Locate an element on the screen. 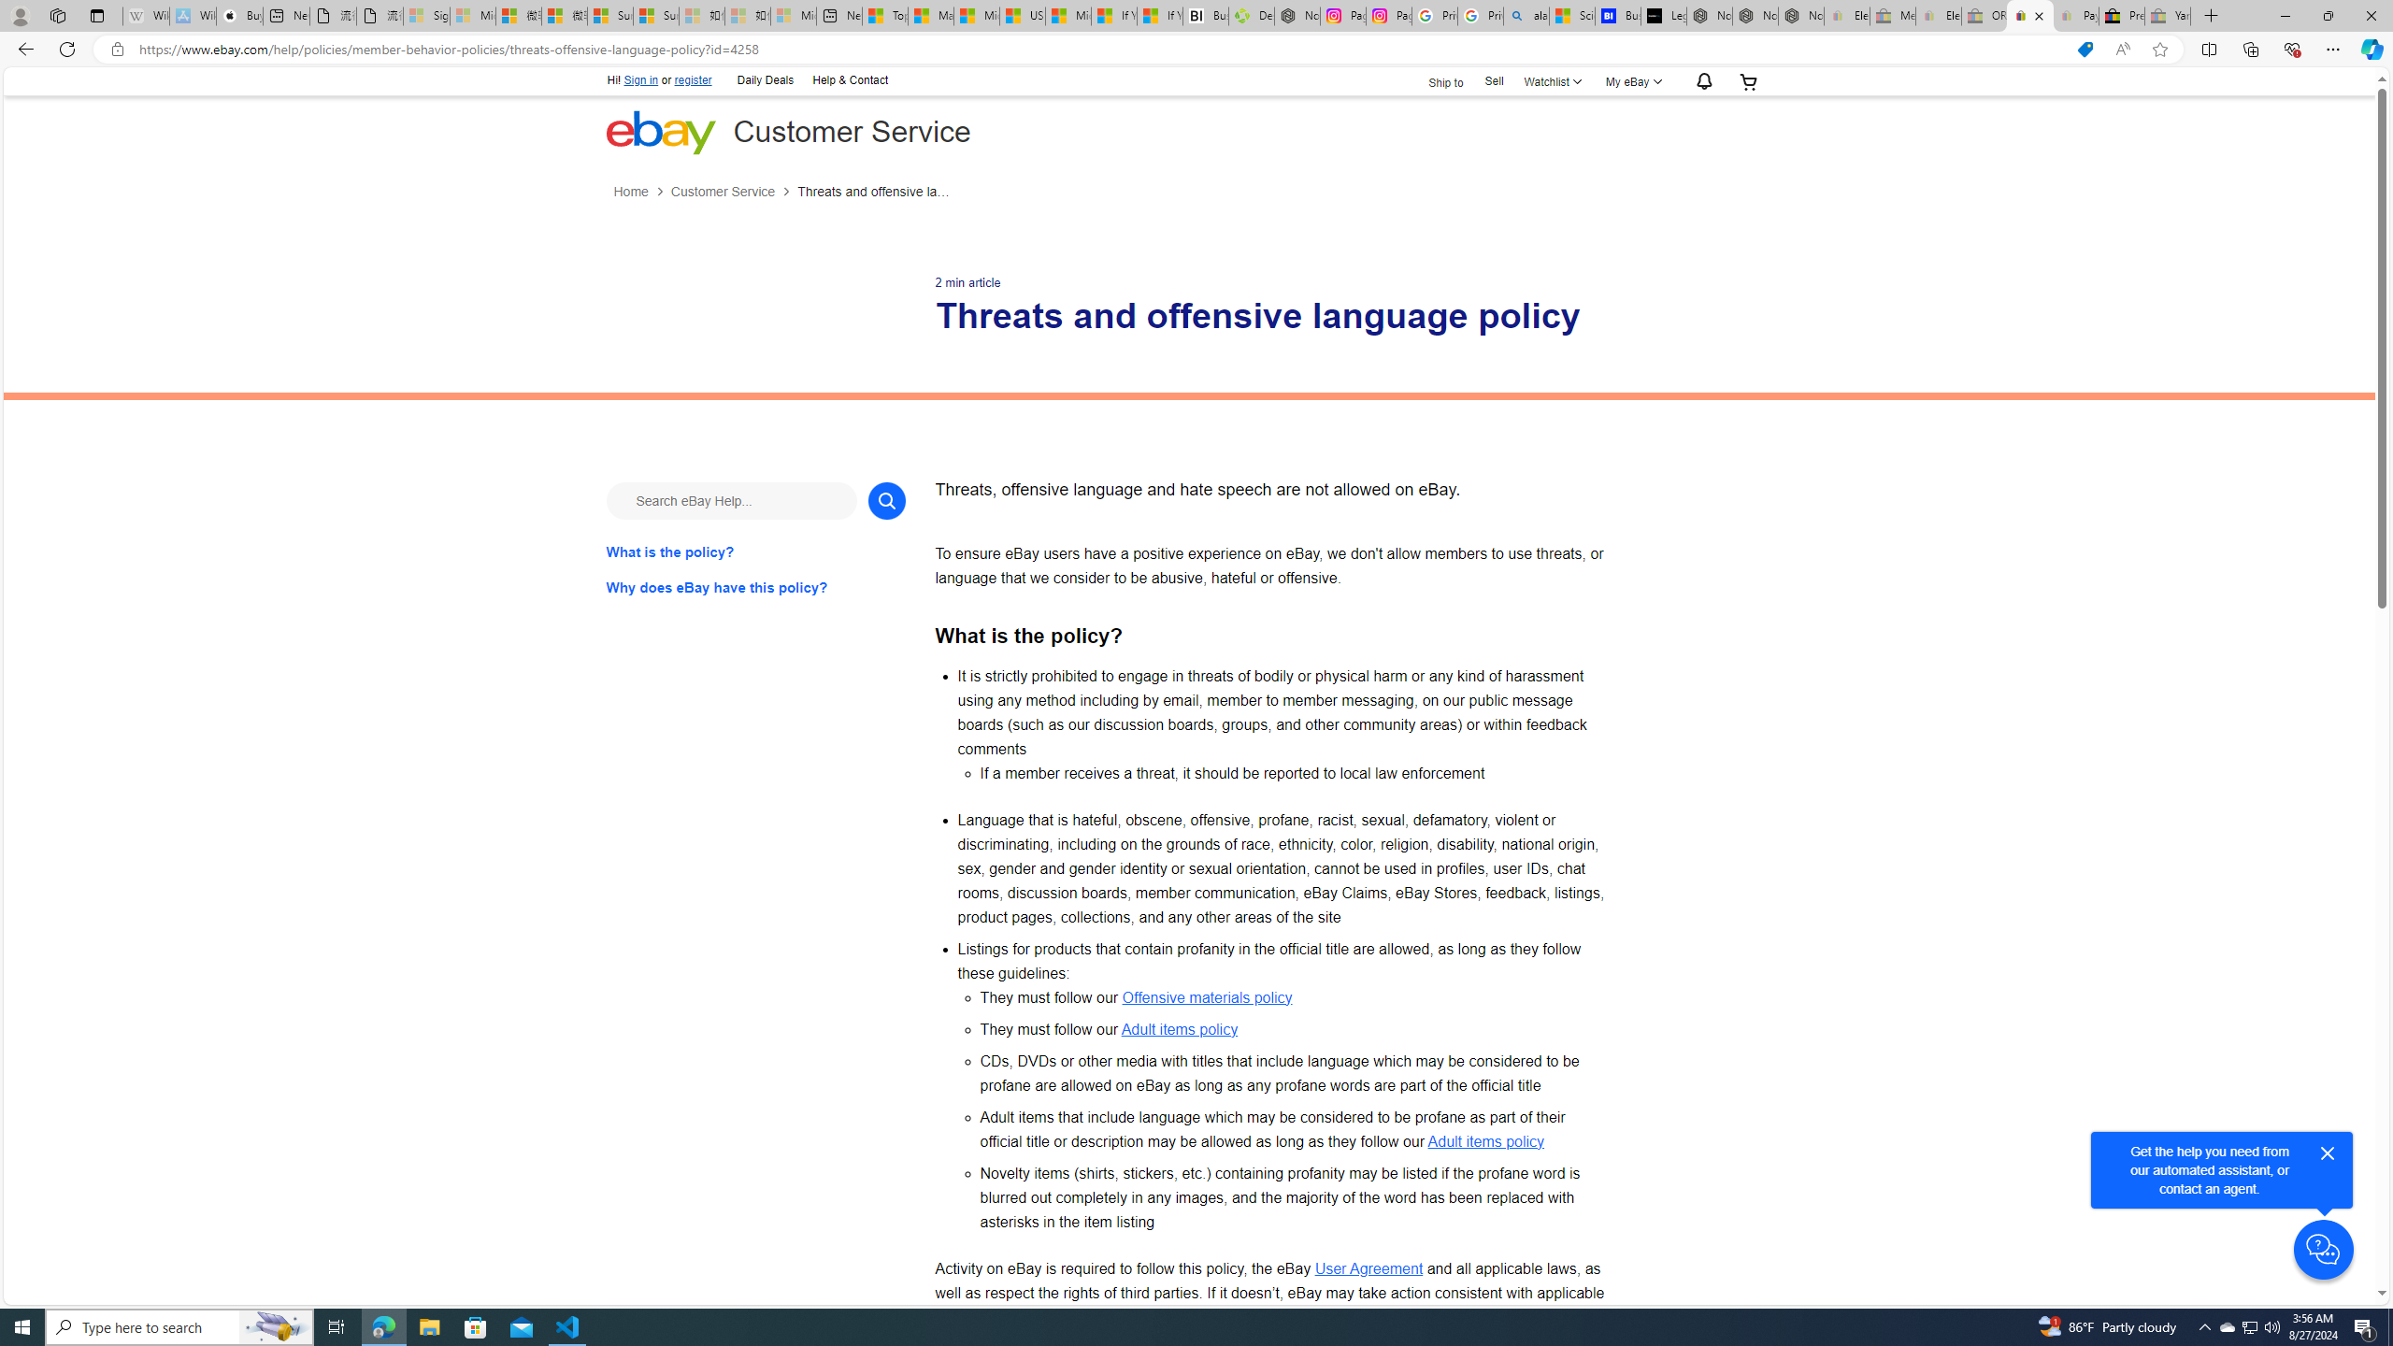 The height and width of the screenshot is (1346, 2393). 'Settings and more (Alt+F)' is located at coordinates (2332, 48).